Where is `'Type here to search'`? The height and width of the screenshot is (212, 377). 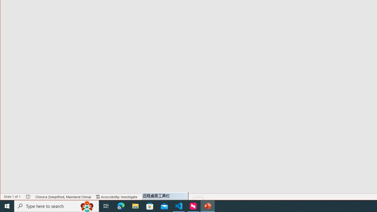 'Type here to search' is located at coordinates (57, 206).